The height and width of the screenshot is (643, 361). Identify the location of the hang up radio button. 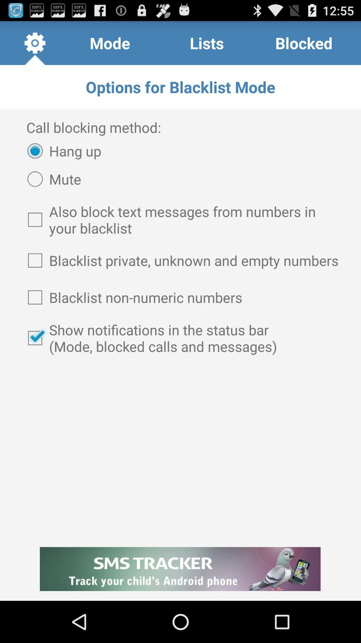
(61, 150).